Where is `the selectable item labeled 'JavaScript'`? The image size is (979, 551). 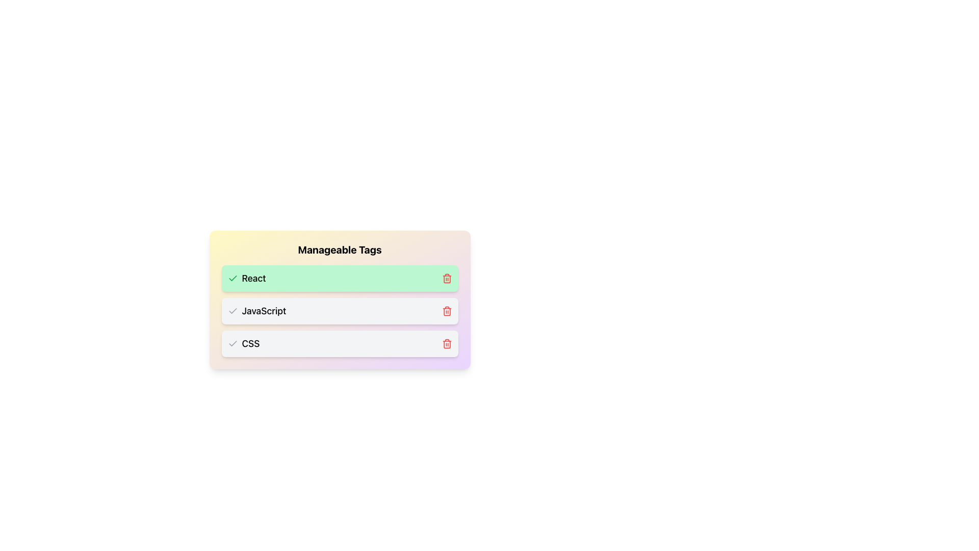
the selectable item labeled 'JavaScript' is located at coordinates (340, 310).